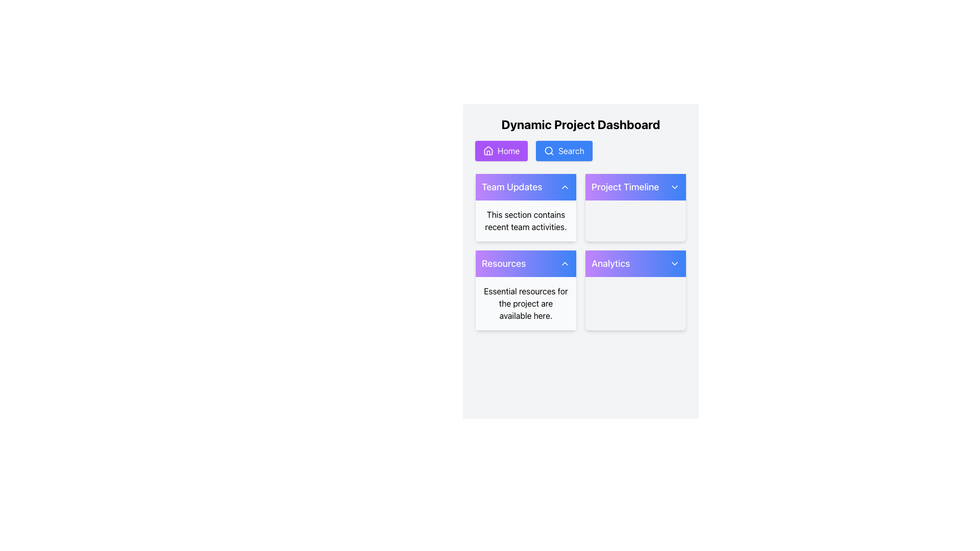 This screenshot has height=551, width=980. I want to click on the Text Label that serves as a title for a card grouping resources, positioned in the lower-left quadrant of the card, beneath the 'Team Updates' card and to the left of the 'Analytics' card, so click(504, 263).